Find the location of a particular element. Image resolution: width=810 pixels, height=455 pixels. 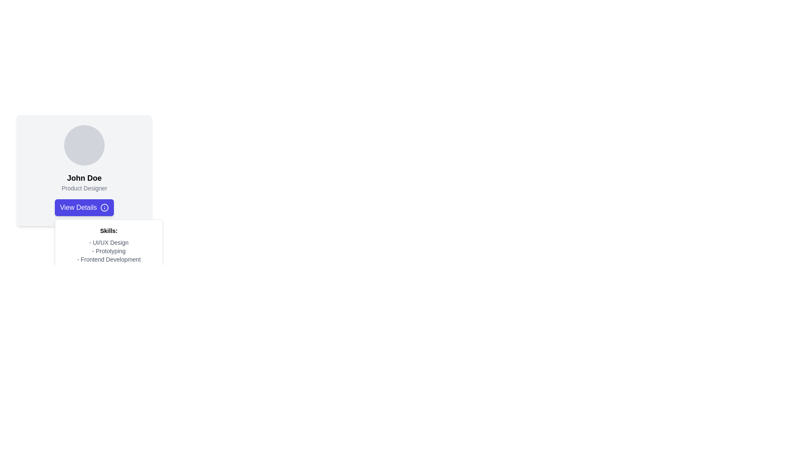

the text that indicates expertise in UI/UX Design, which is the first item in the skills list beneath the profile section labeled 'Skills:' is located at coordinates (108, 242).